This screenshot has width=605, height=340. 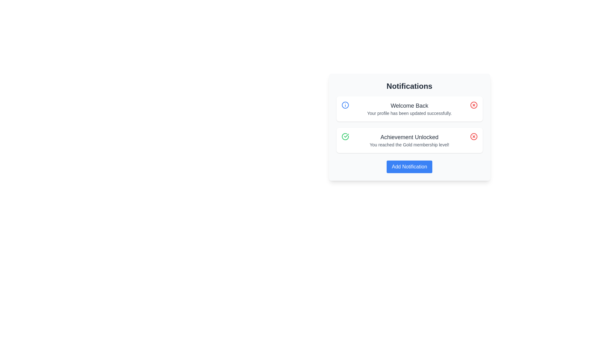 What do you see at coordinates (474, 105) in the screenshot?
I see `the close button located on the right-hand side of the notification section, aligned with the title 'Welcome Back'` at bounding box center [474, 105].